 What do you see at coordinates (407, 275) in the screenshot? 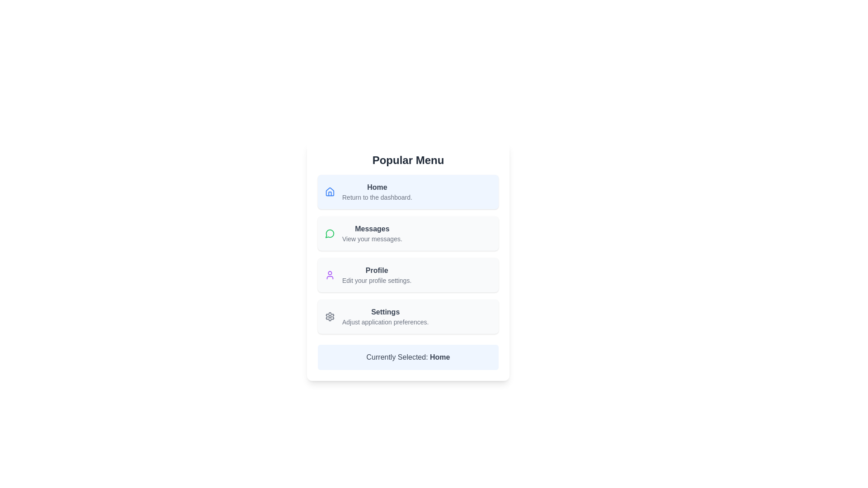
I see `the menu item labeled Profile` at bounding box center [407, 275].